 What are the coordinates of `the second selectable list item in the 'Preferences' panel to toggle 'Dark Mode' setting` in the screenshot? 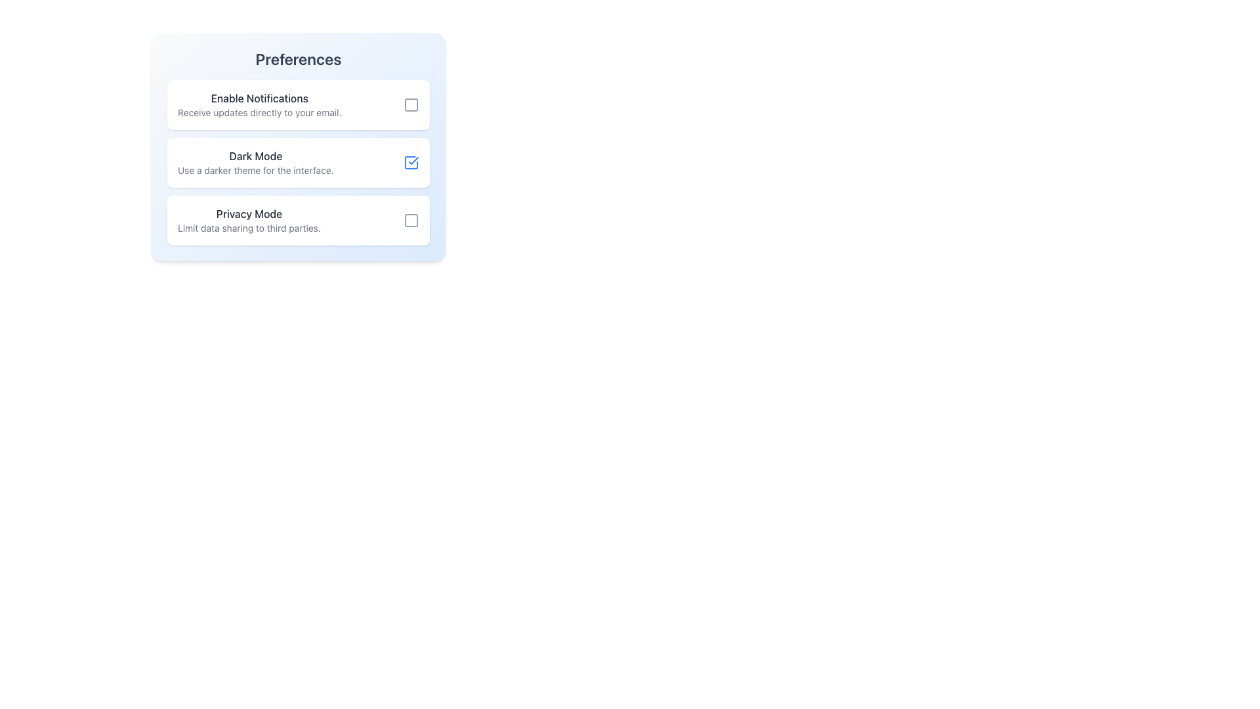 It's located at (298, 161).